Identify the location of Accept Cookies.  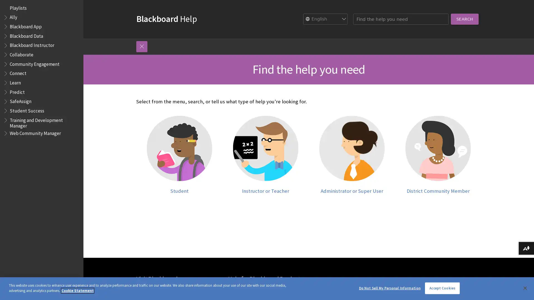
(442, 288).